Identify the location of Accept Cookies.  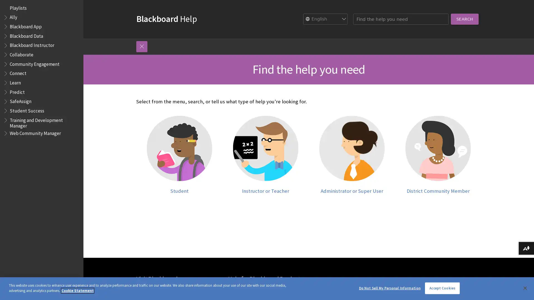
(442, 288).